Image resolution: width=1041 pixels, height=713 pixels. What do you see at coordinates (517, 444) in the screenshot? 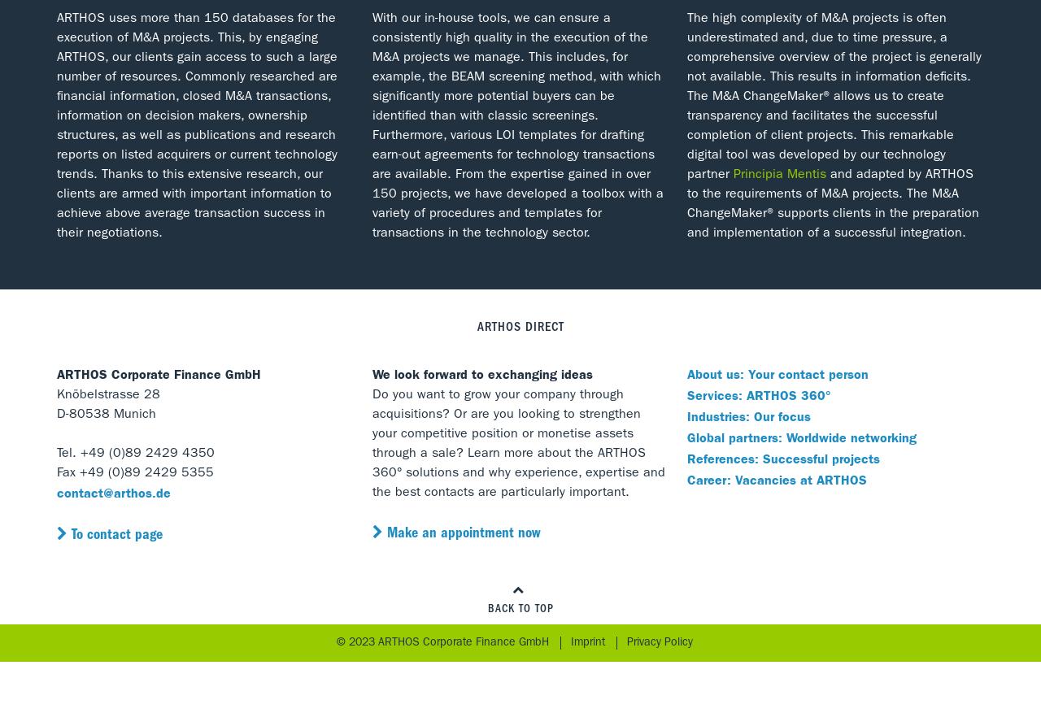
I see `'Do you want to grow your company through acquisitions? Or are you looking to strengthen your competitive position or monetise assets through a sale? Learn more about the ARTHOS 360° solutions and why experience, expertise and the best contacts are particularly important.'` at bounding box center [517, 444].